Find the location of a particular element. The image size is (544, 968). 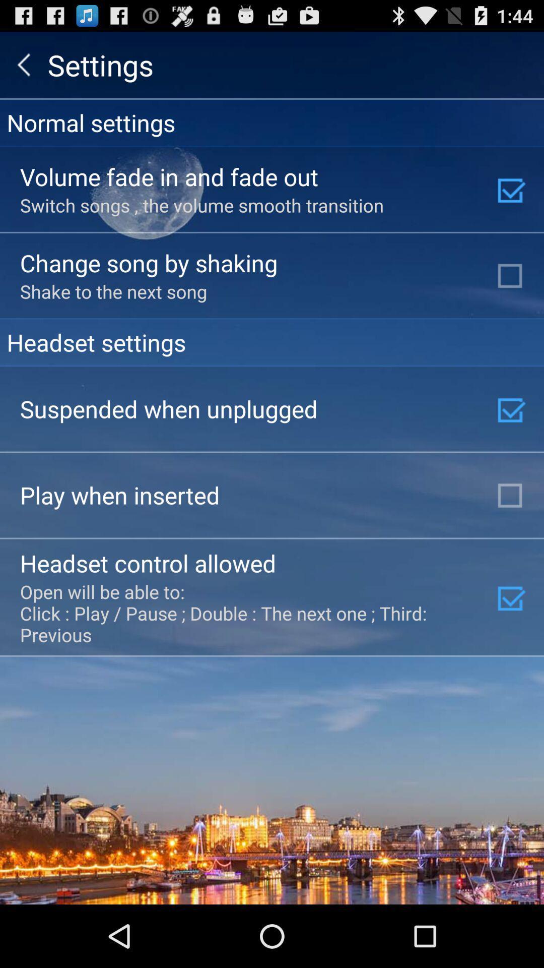

the arrow_backward icon is located at coordinates (23, 69).